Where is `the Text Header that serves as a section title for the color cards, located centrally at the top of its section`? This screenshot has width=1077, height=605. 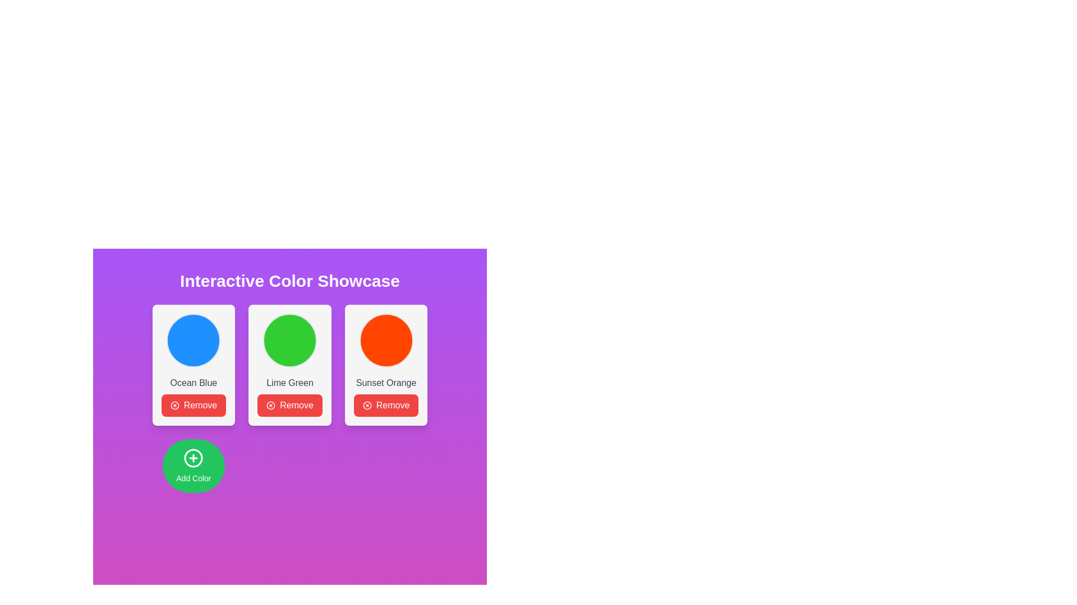
the Text Header that serves as a section title for the color cards, located centrally at the top of its section is located at coordinates (290, 280).